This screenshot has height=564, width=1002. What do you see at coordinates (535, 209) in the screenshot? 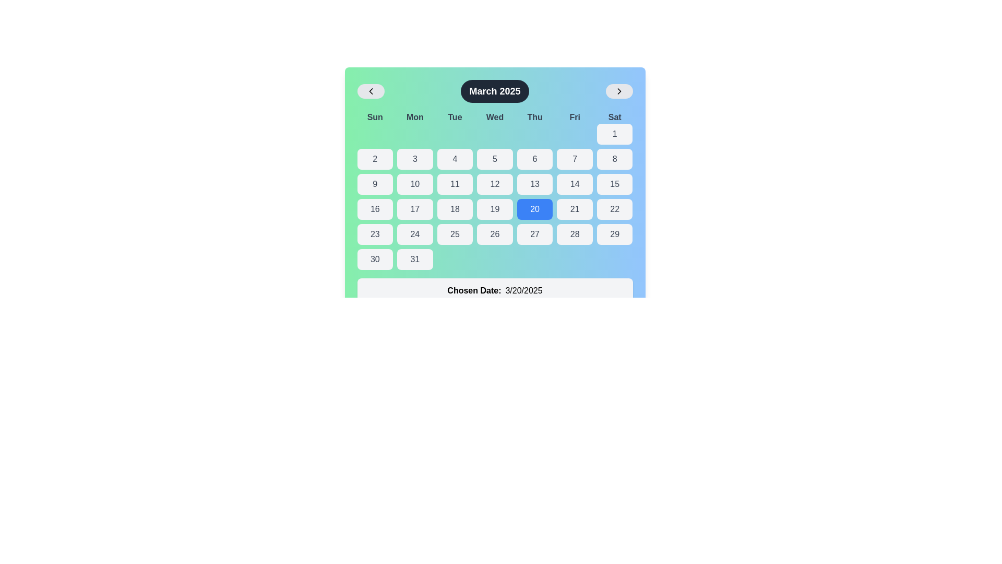
I see `the rounded rectangular button with a blue background and white text displaying '20' located in the fourth row and fourth column of the calendar grid` at bounding box center [535, 209].